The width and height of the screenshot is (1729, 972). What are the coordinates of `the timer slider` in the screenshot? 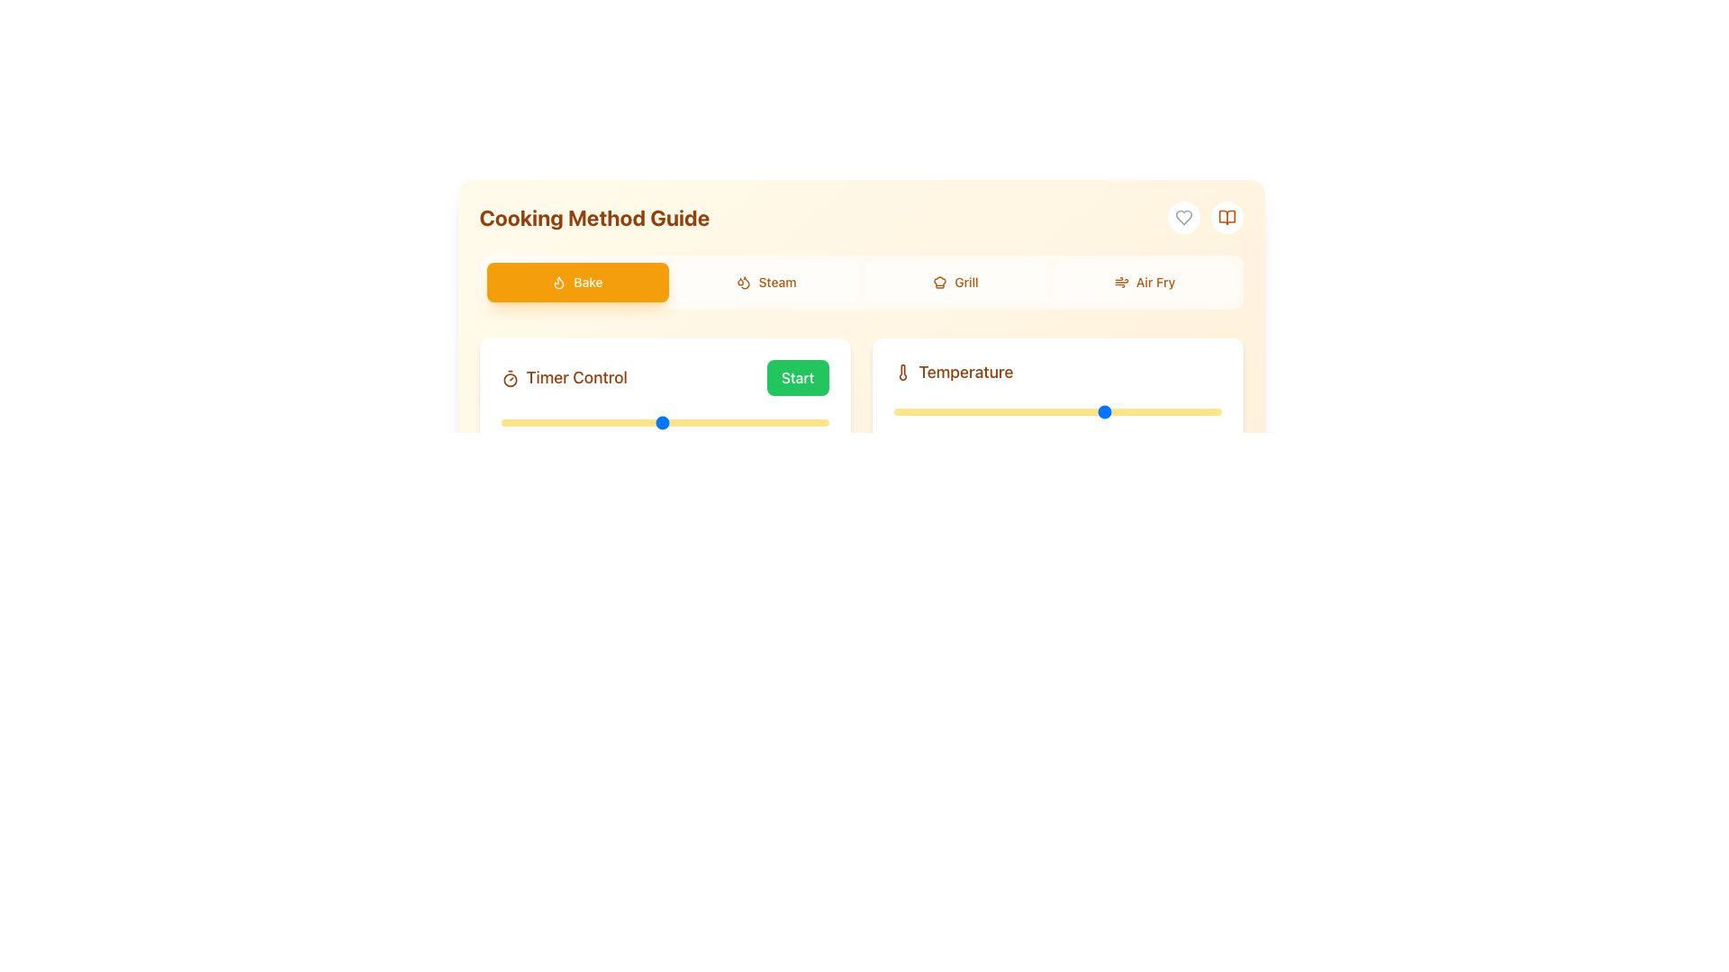 It's located at (683, 423).